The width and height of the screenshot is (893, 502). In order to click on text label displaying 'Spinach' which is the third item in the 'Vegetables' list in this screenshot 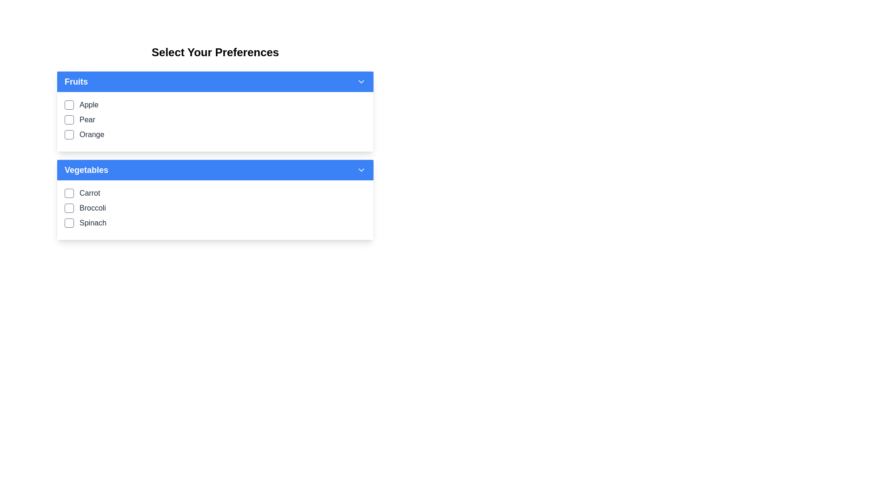, I will do `click(93, 223)`.